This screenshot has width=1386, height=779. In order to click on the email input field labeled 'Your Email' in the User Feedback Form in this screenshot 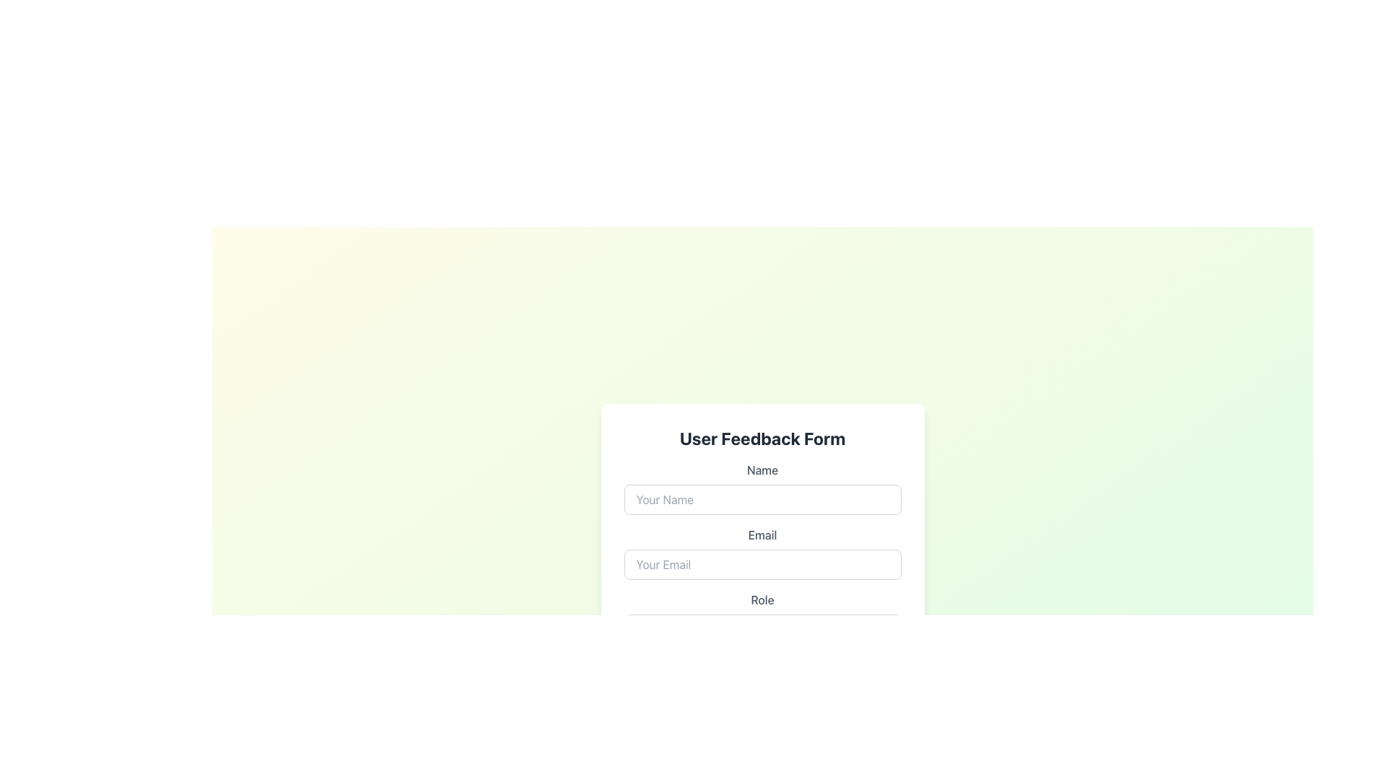, I will do `click(762, 553)`.